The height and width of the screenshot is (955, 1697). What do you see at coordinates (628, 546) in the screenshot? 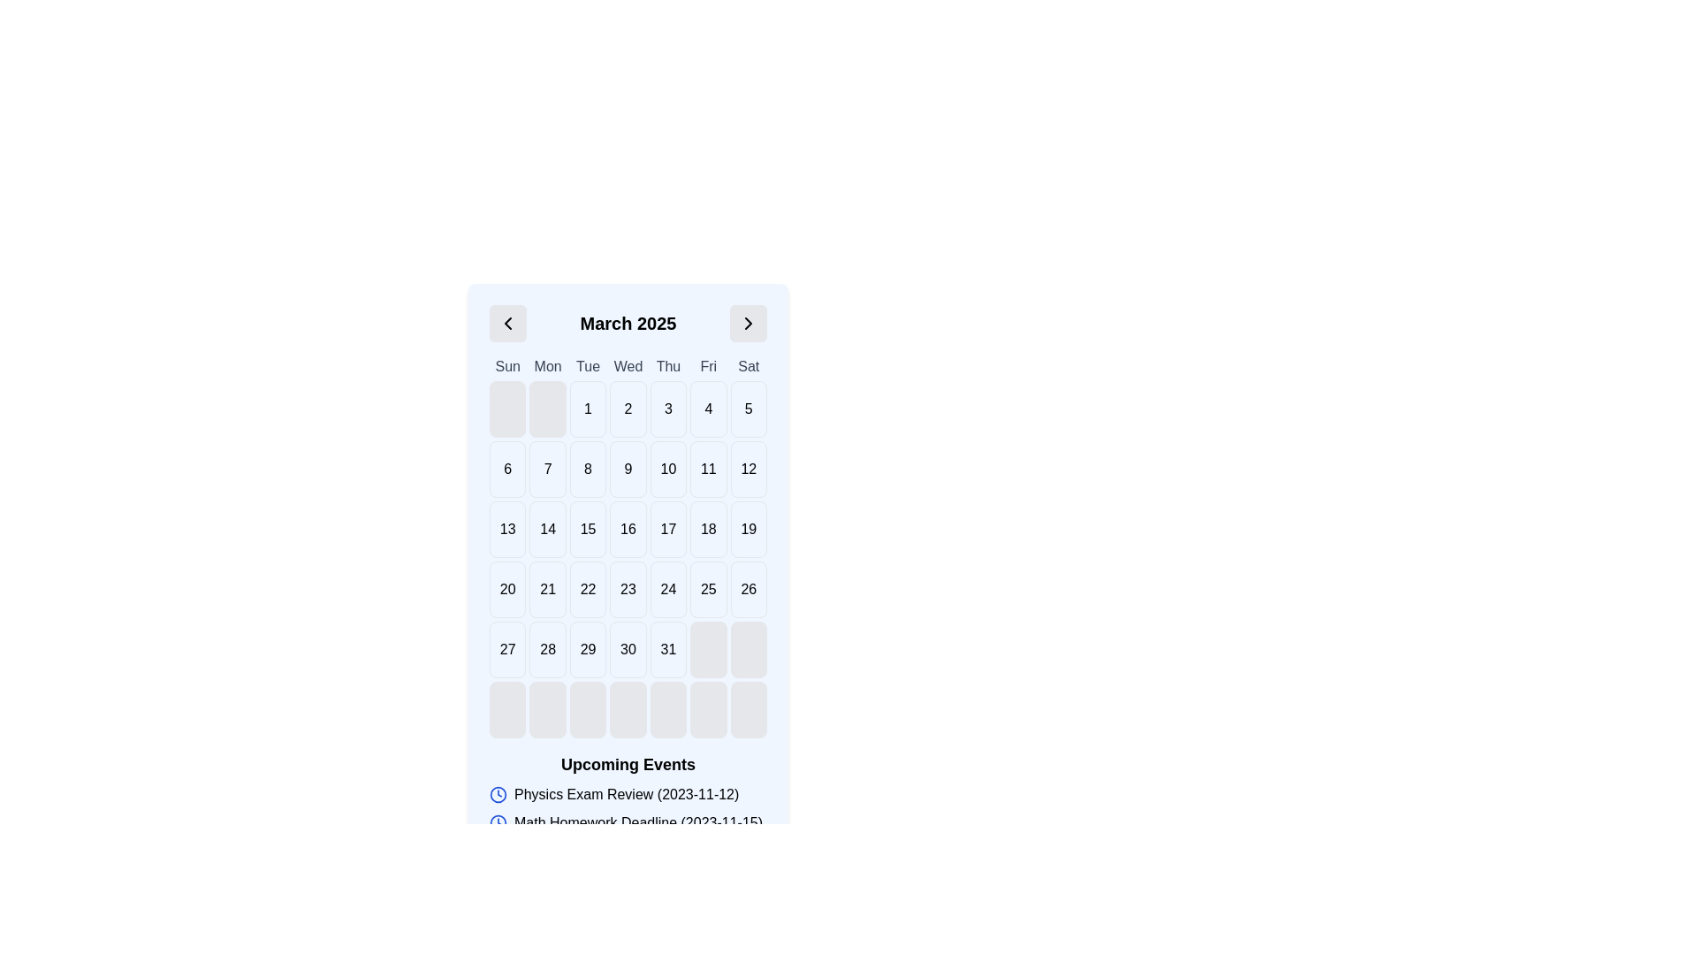
I see `the Calendar grid element displaying days of the month for March 2025, which is centrally located below the title and navigation buttons` at bounding box center [628, 546].